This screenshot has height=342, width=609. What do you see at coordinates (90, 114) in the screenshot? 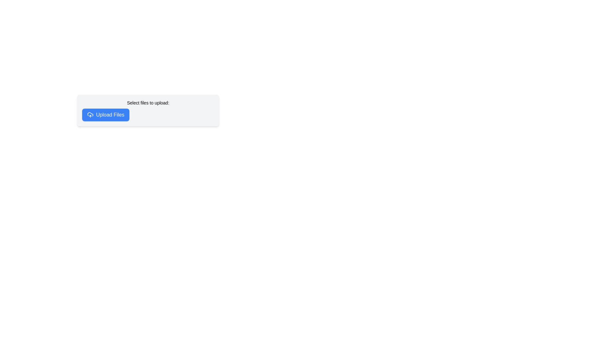
I see `the central curved line of the cloud upload icon located just before the 'Upload Files' text label within the button` at bounding box center [90, 114].